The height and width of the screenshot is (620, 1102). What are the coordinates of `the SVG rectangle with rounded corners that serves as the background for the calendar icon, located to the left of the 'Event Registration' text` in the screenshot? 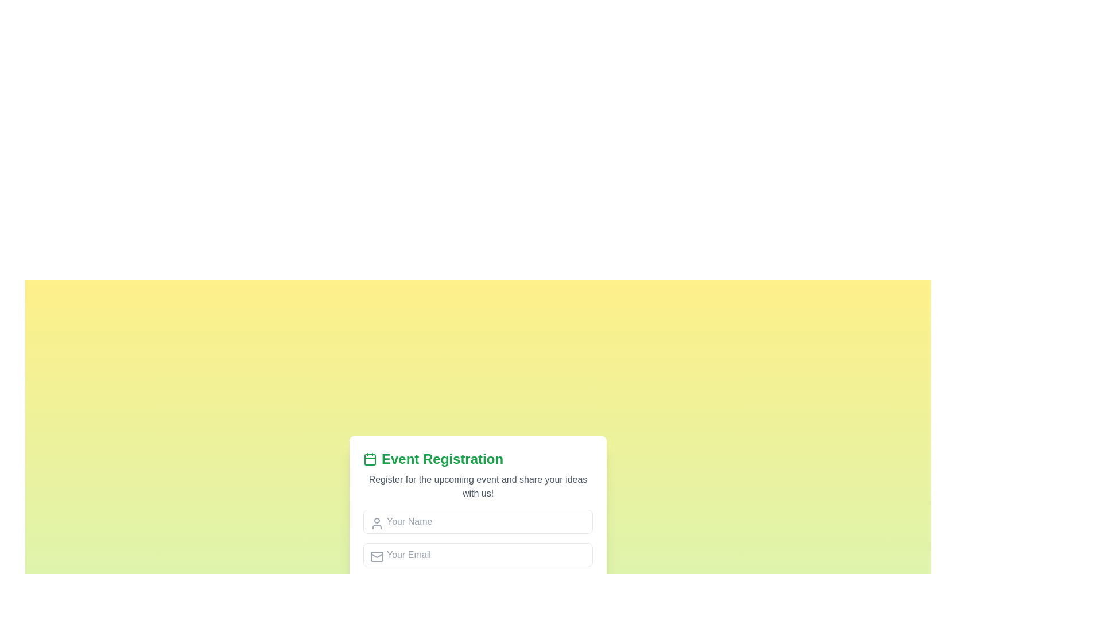 It's located at (370, 458).